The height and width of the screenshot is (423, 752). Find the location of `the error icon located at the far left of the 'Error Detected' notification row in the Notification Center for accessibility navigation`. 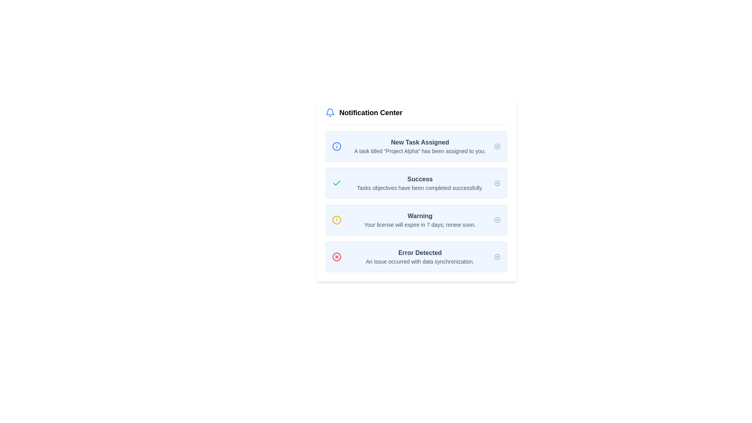

the error icon located at the far left of the 'Error Detected' notification row in the Notification Center for accessibility navigation is located at coordinates (336, 257).